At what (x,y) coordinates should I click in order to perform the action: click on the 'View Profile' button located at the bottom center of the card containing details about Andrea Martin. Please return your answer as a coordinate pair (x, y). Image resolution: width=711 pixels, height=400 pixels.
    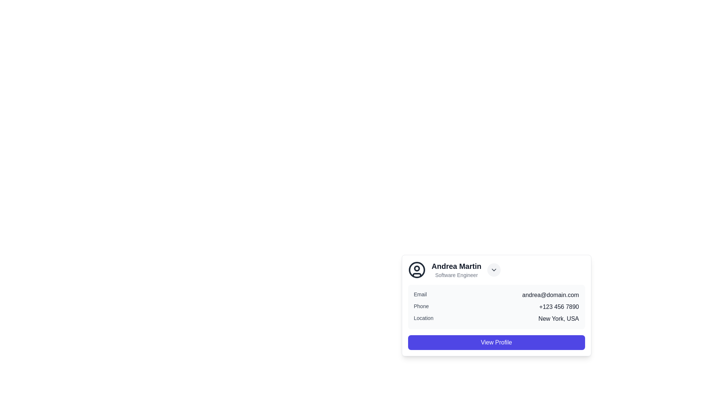
    Looking at the image, I should click on (496, 343).